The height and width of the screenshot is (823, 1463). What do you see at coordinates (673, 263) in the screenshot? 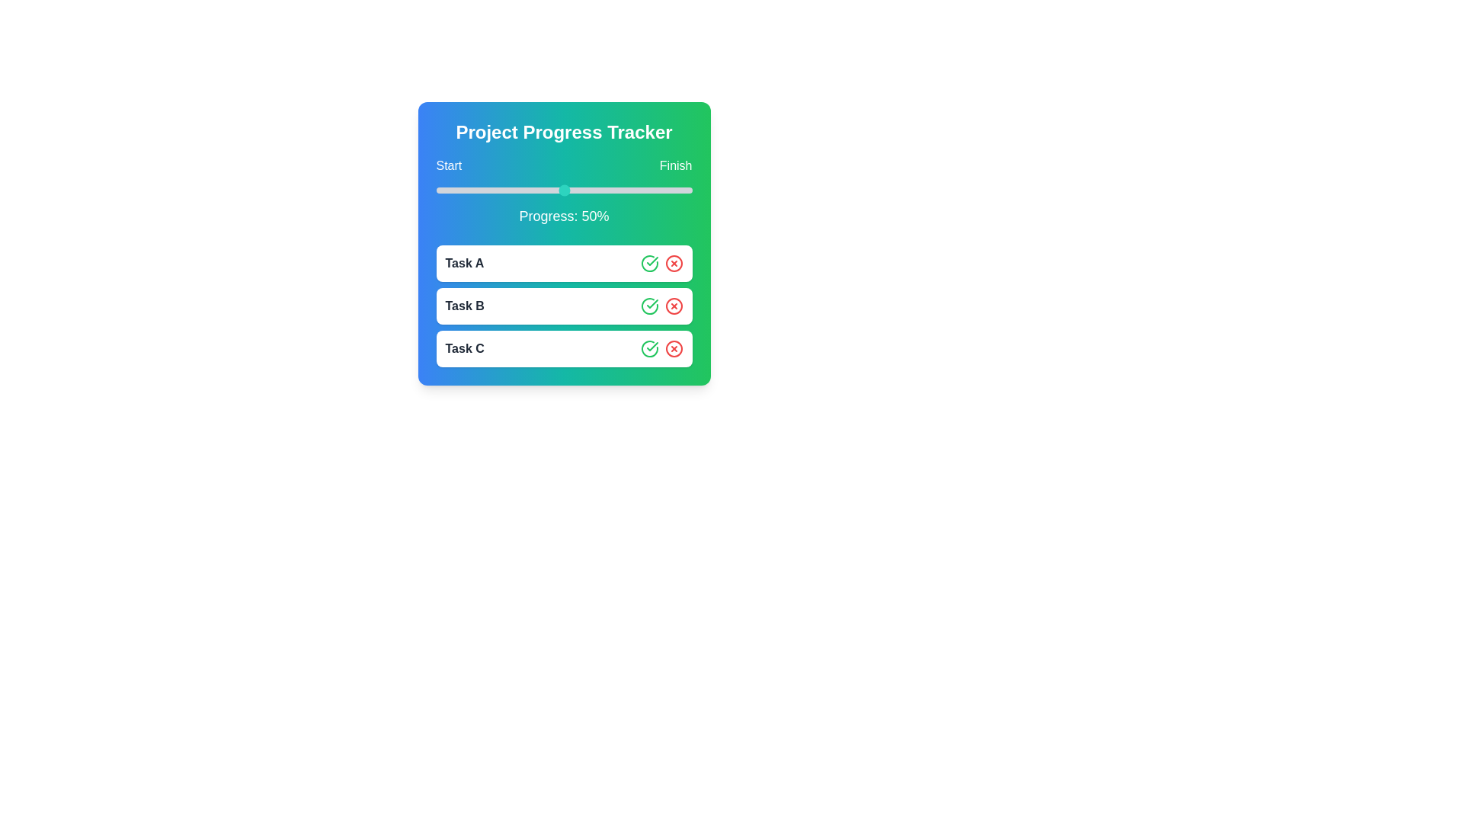
I see `cross button next to Task A to cancel it` at bounding box center [673, 263].